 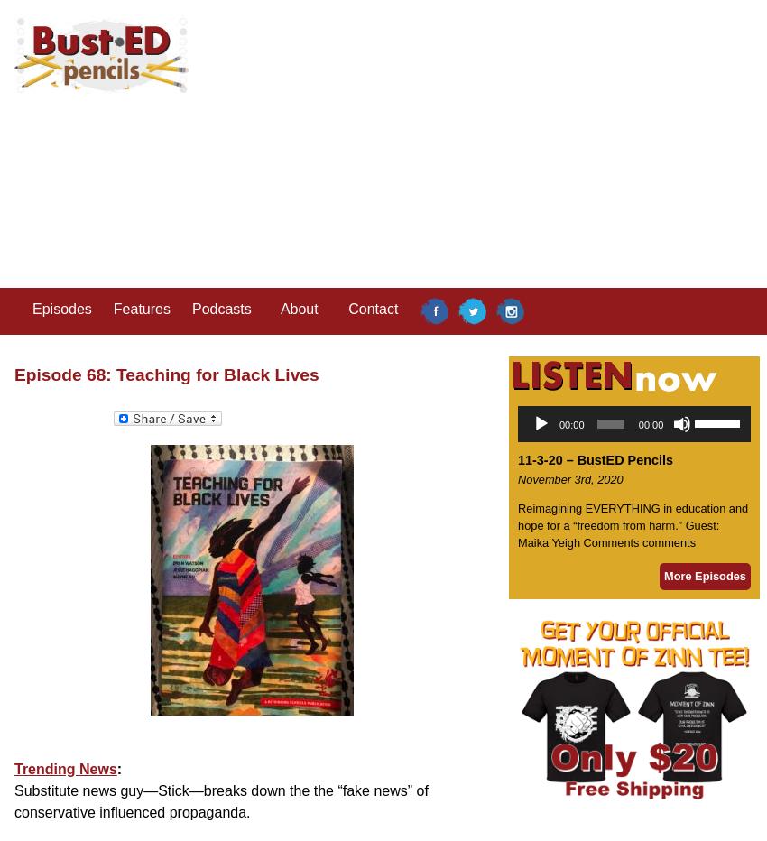 What do you see at coordinates (116, 767) in the screenshot?
I see `':'` at bounding box center [116, 767].